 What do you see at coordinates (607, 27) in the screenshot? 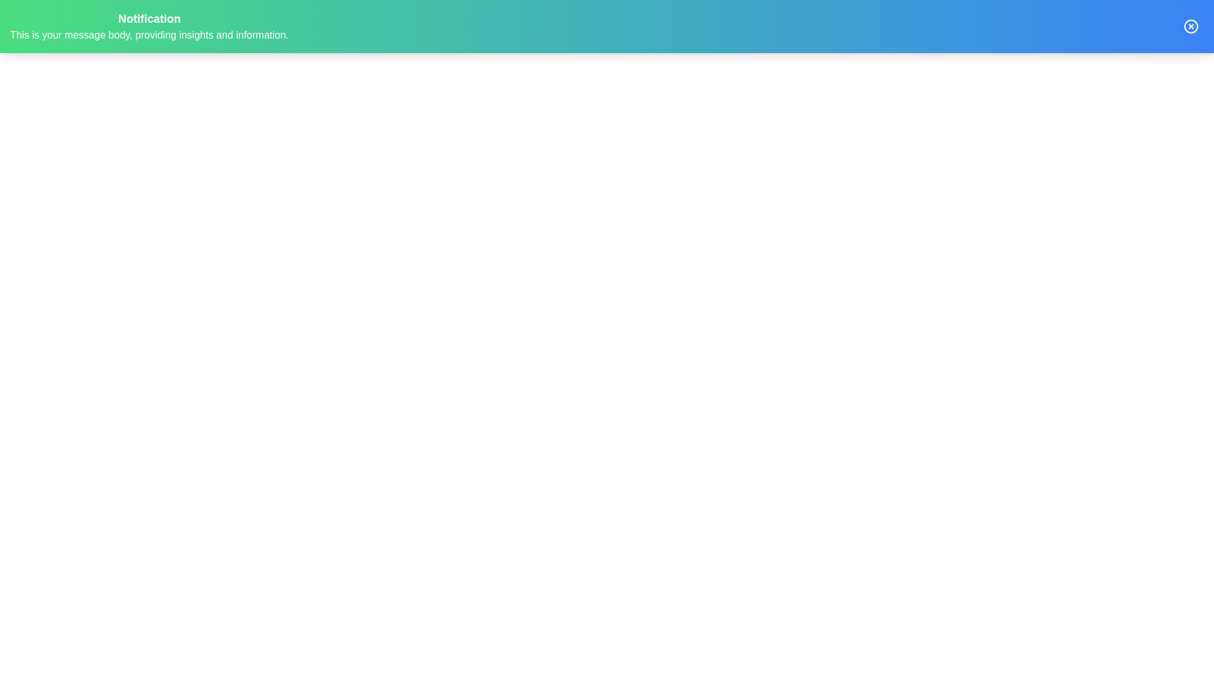
I see `the notification bar to highlight it` at bounding box center [607, 27].